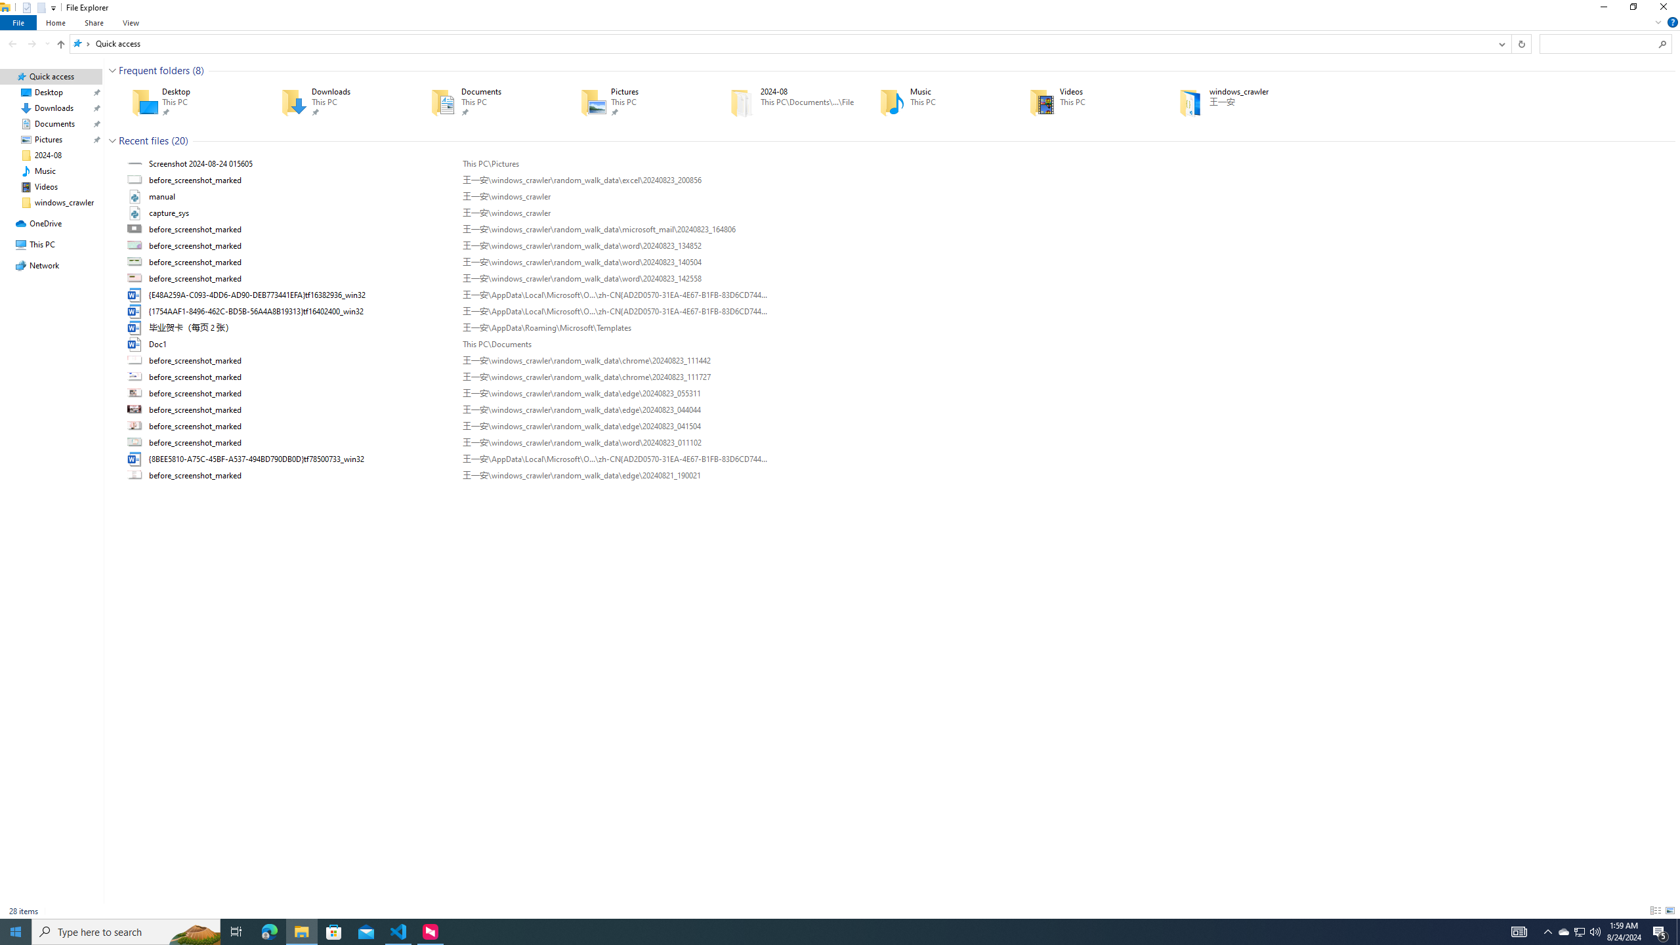  What do you see at coordinates (117, 43) in the screenshot?
I see `'Quick access'` at bounding box center [117, 43].